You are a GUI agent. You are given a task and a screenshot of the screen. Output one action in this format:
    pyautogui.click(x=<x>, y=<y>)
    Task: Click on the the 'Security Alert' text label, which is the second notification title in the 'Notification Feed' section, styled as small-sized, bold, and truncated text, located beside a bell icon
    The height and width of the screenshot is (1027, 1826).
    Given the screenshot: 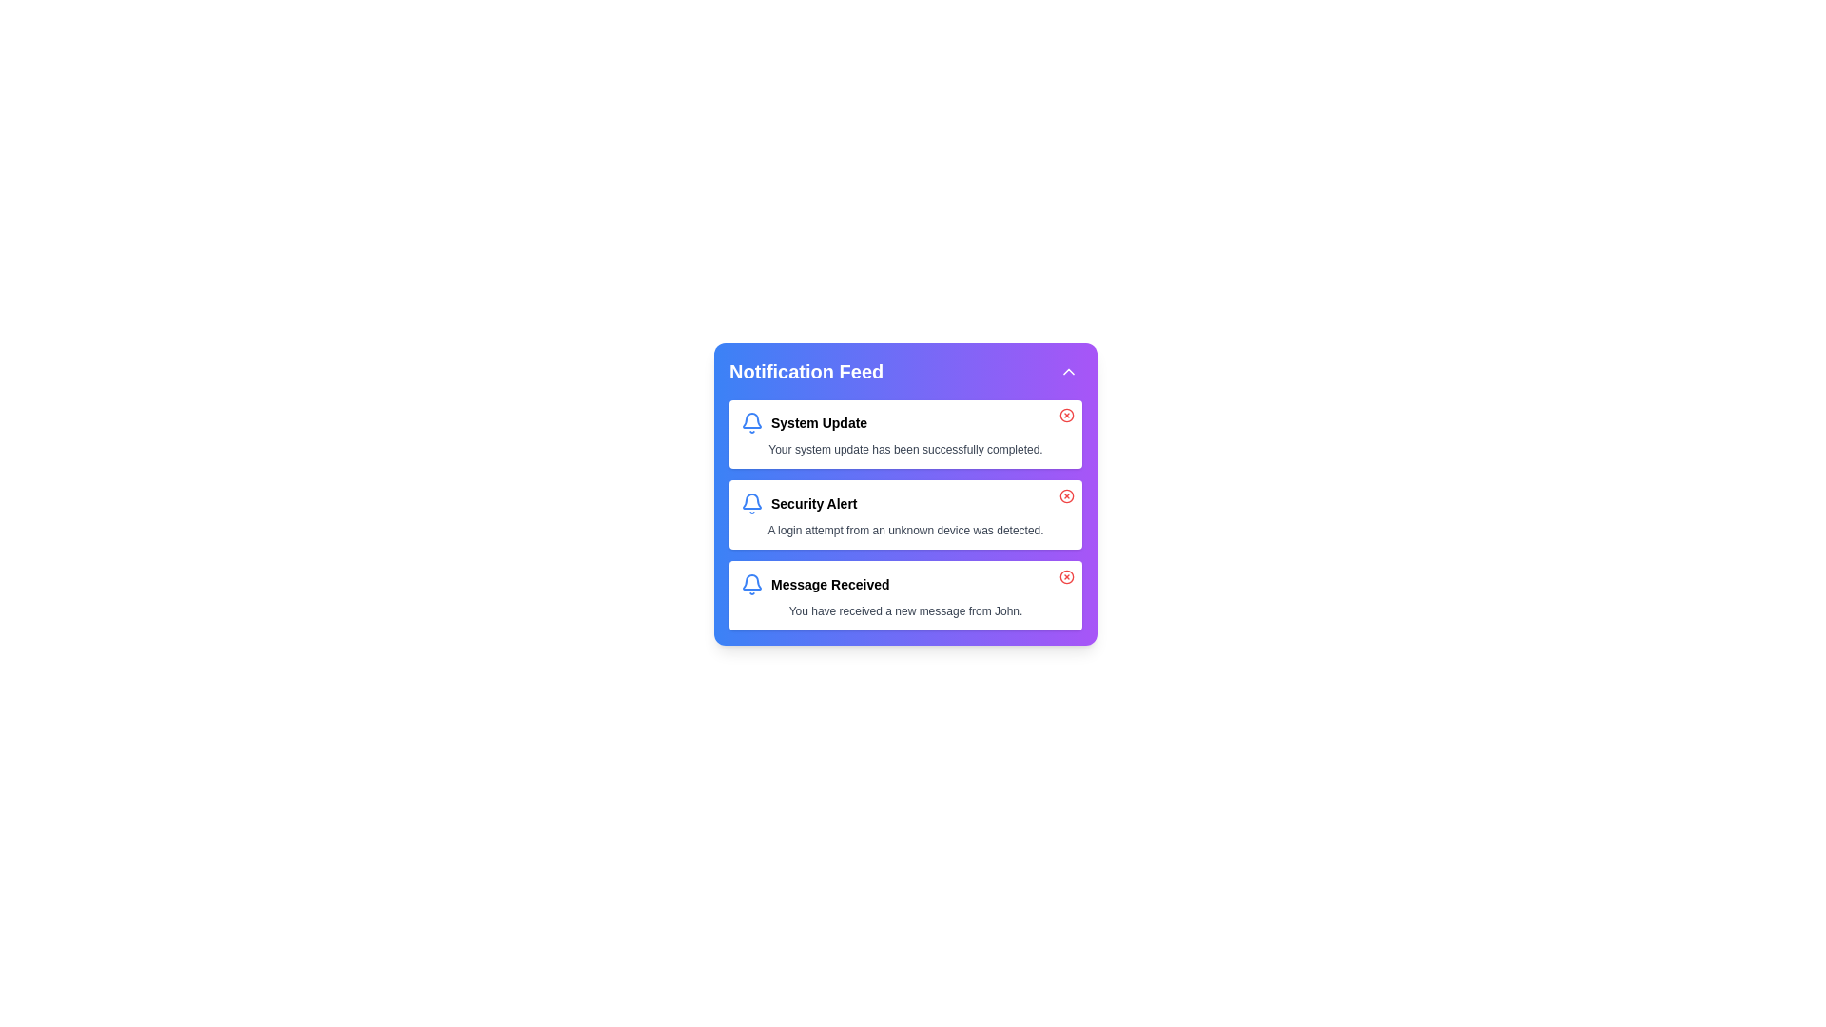 What is the action you would take?
    pyautogui.click(x=813, y=502)
    